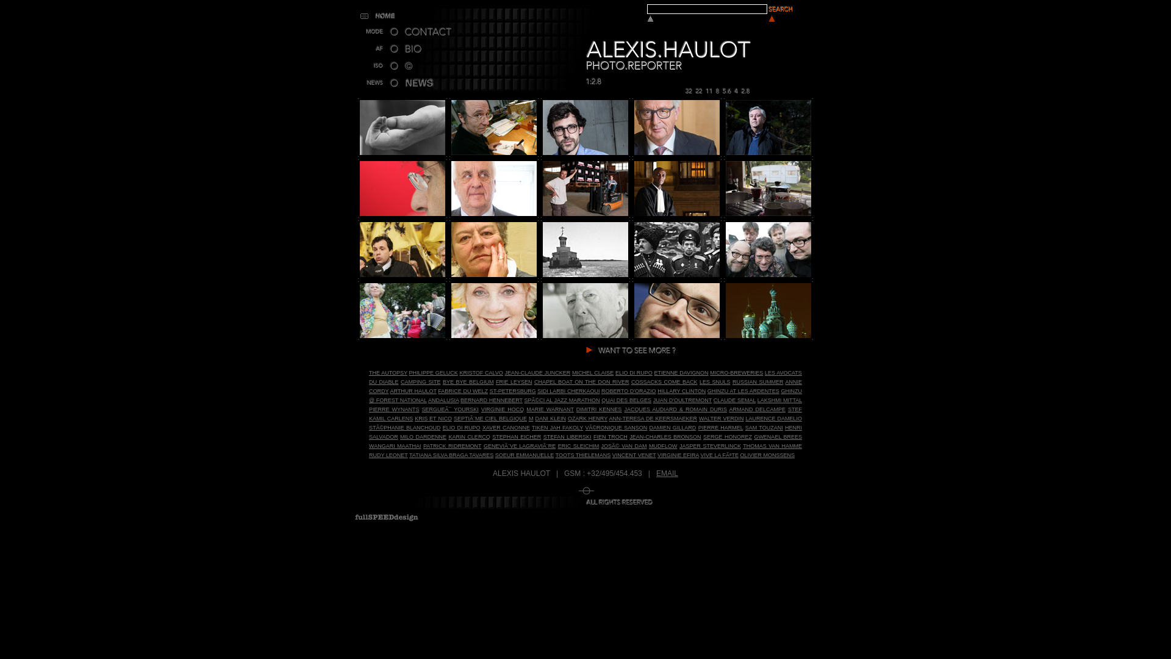 The height and width of the screenshot is (659, 1171). What do you see at coordinates (585, 413) in the screenshot?
I see `'STEF KAMIL CARLENS'` at bounding box center [585, 413].